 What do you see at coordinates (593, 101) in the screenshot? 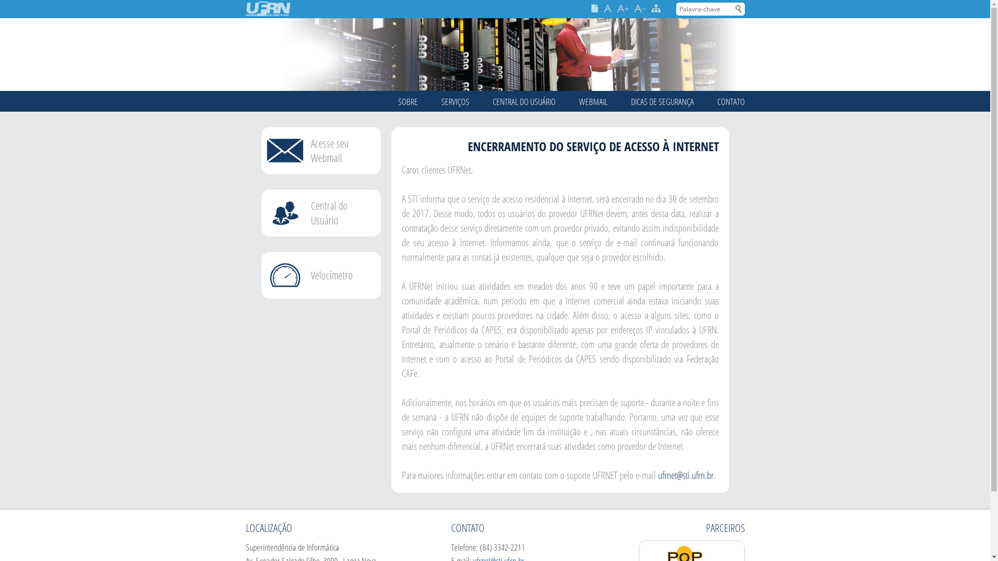
I see `'WEBMAIL'` at bounding box center [593, 101].